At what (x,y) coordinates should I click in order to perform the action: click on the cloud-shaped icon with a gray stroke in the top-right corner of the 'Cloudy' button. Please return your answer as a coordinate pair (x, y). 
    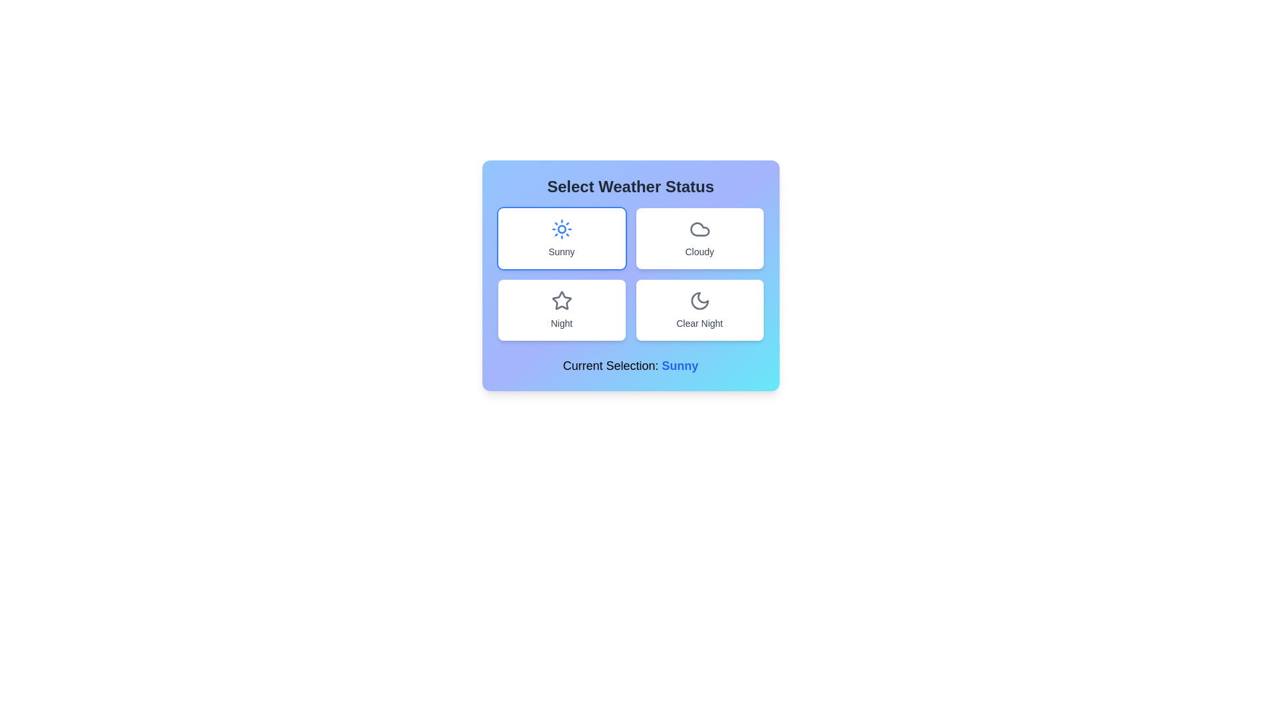
    Looking at the image, I should click on (699, 229).